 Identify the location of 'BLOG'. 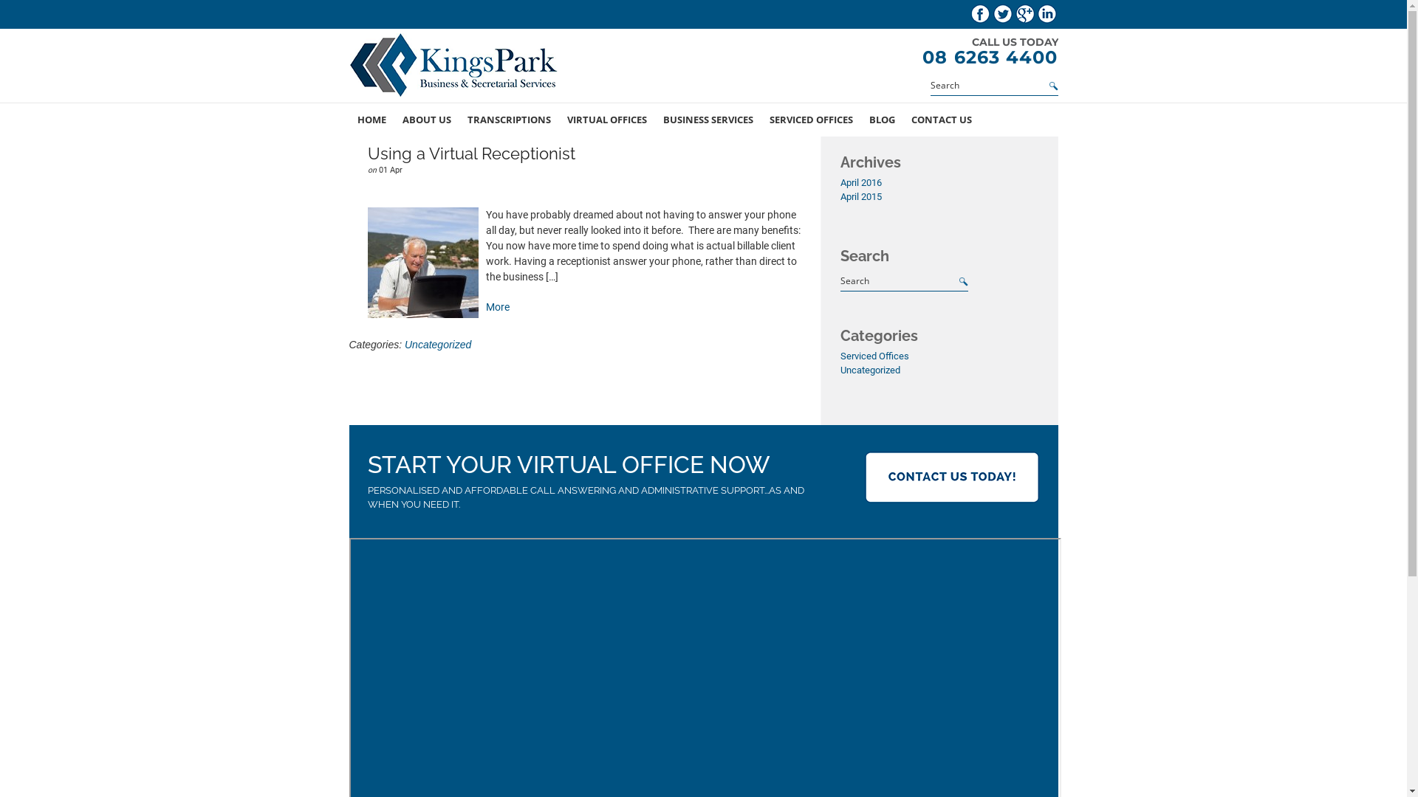
(882, 119).